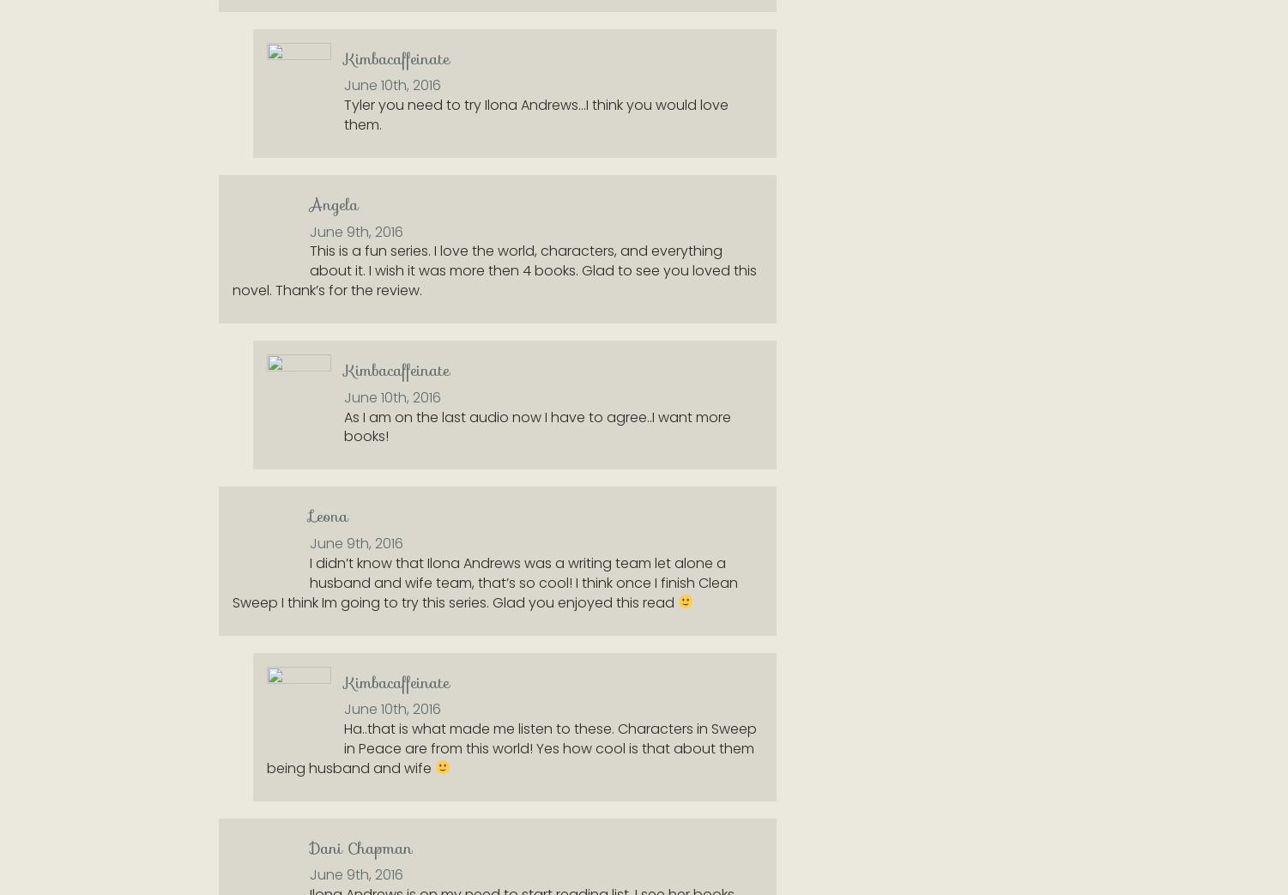 The image size is (1288, 895). I want to click on 'This is a fun series. I love the world, characters, and everything about it. I wish it was more then 4 books. Glad to see you loved this novel. Thank’s for the review.', so click(494, 269).